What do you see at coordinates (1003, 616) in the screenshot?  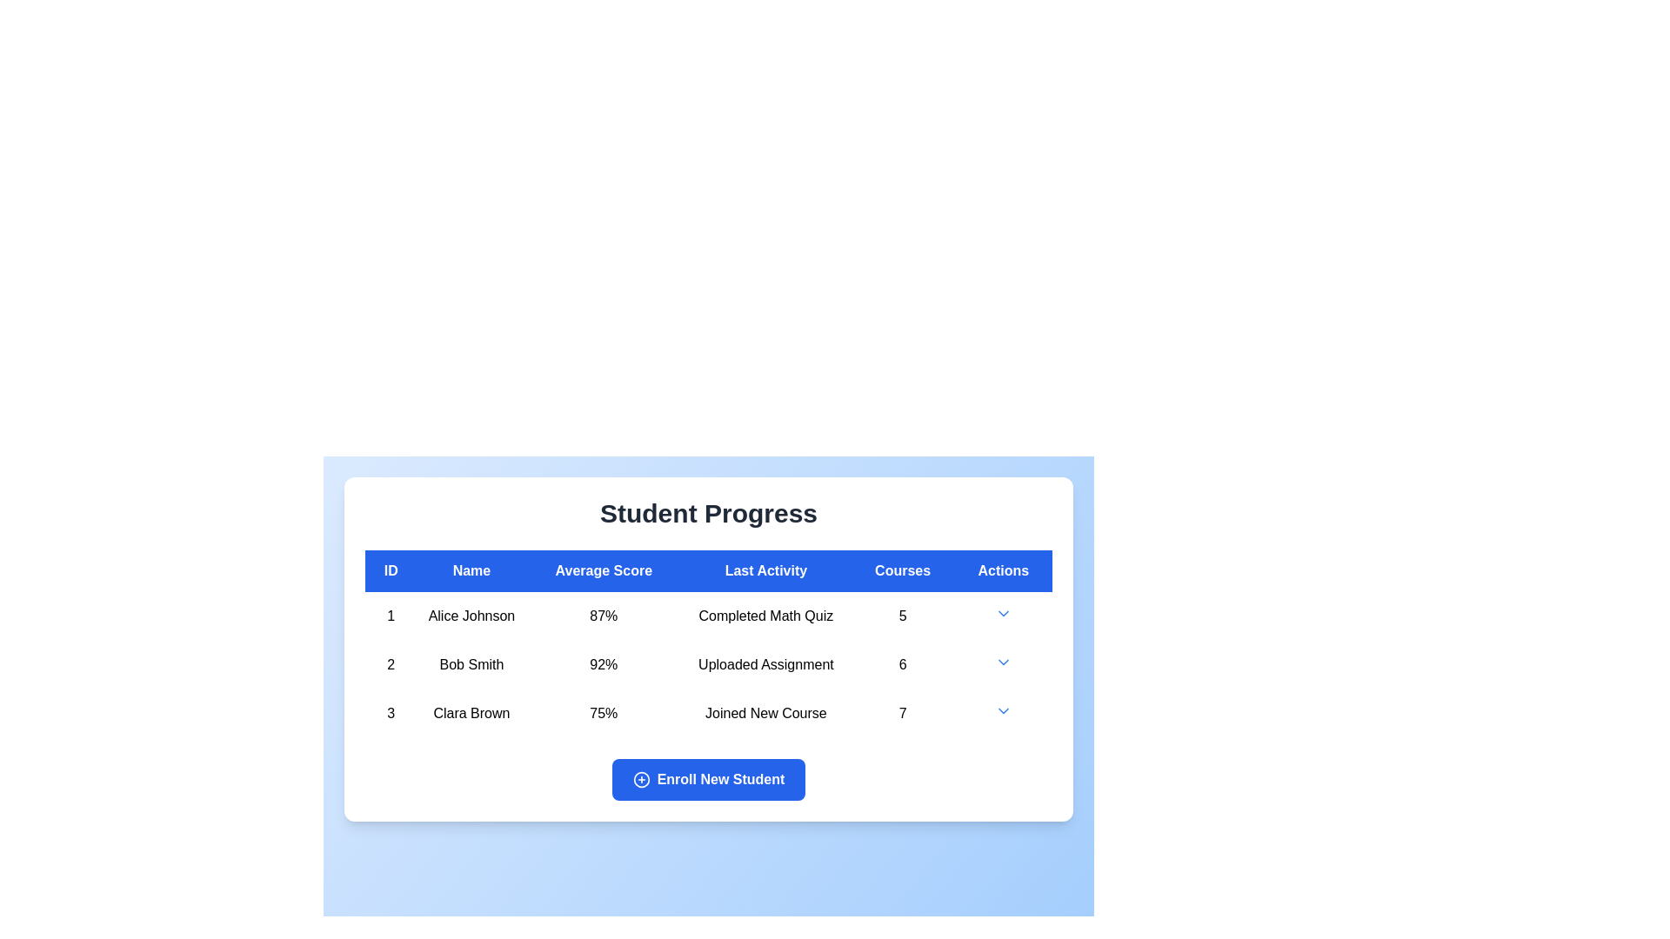 I see `the downward-facing arrow icon in the 'Actions' column of the first row corresponding to 'Alice Johnson'` at bounding box center [1003, 616].